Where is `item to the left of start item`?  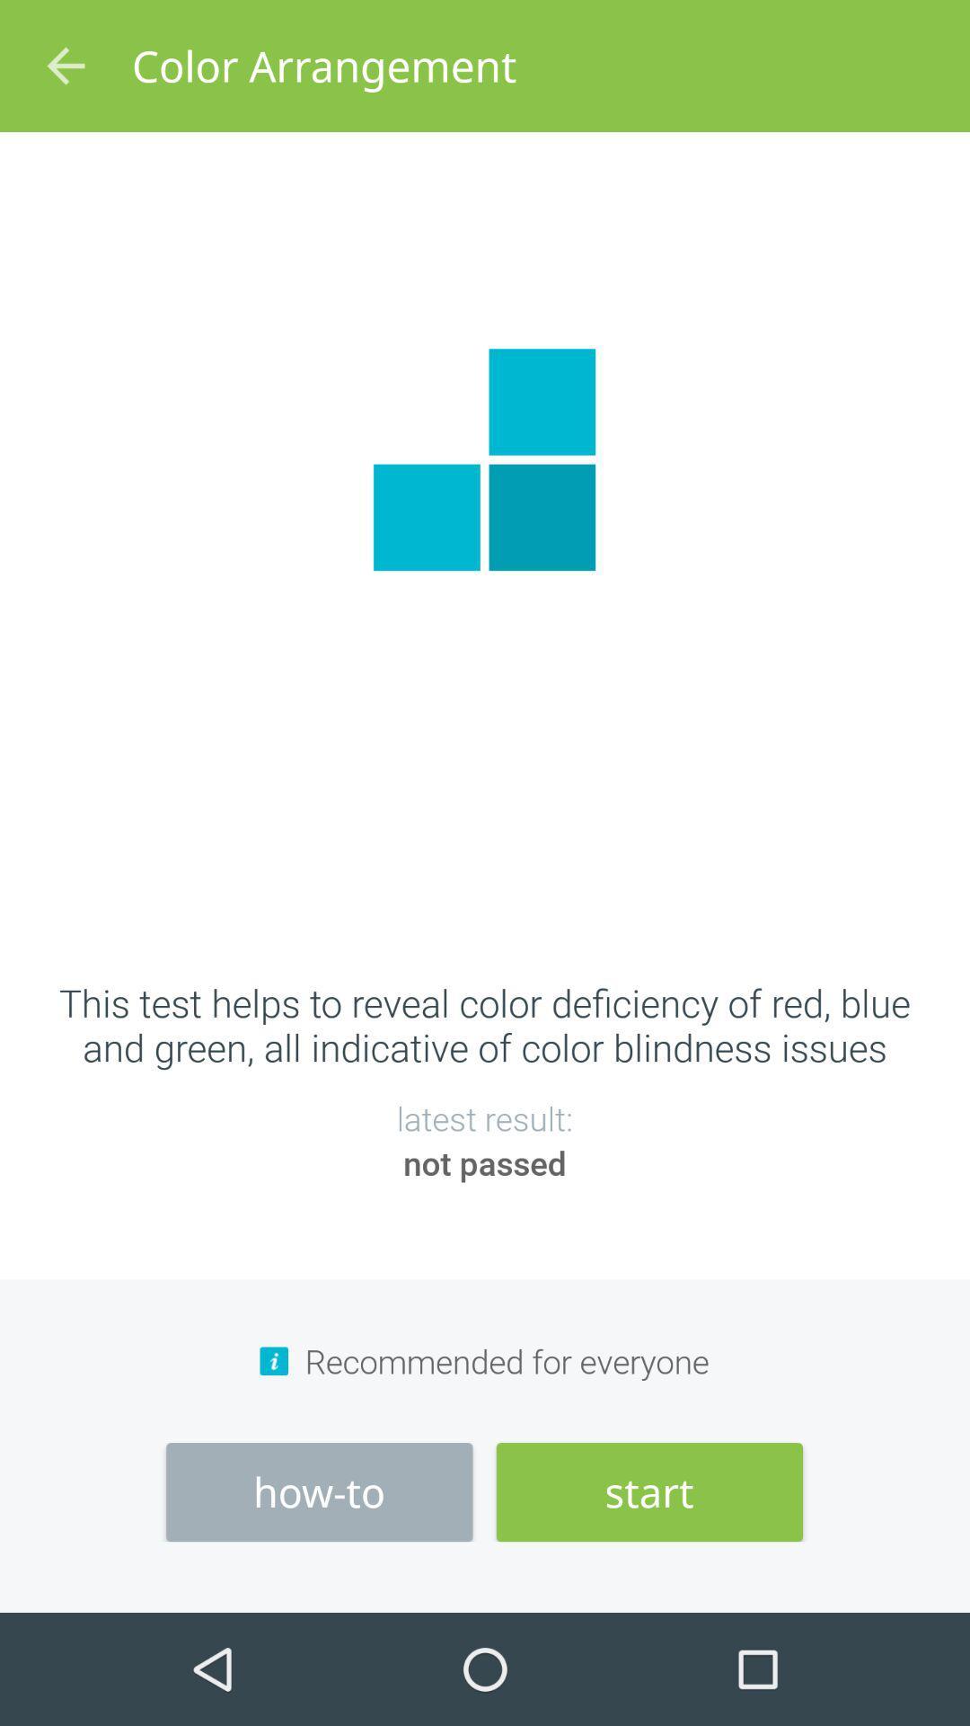 item to the left of start item is located at coordinates (318, 1492).